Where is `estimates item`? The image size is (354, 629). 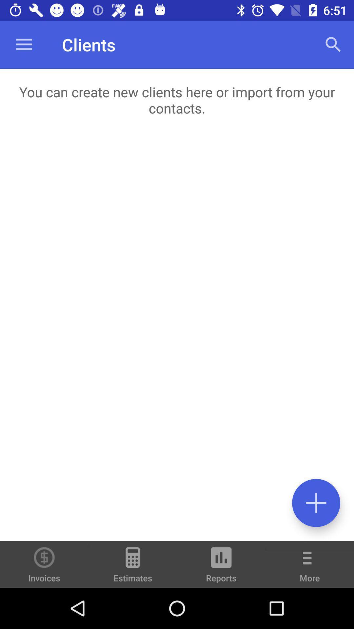 estimates item is located at coordinates (133, 567).